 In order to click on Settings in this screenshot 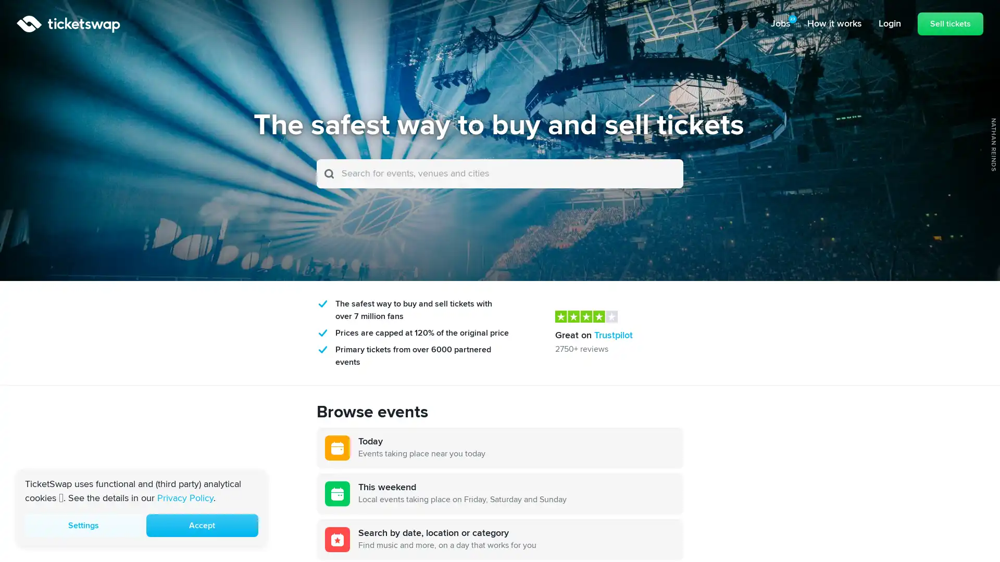, I will do `click(82, 526)`.